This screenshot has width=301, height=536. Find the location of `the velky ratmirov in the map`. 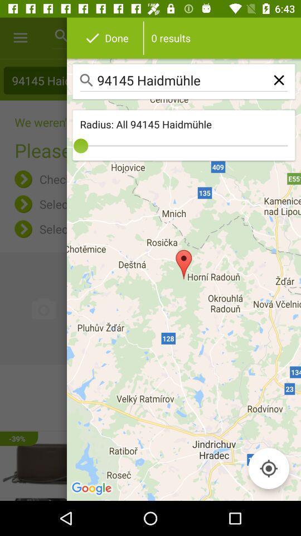

the velky ratmirov in the map is located at coordinates (151, 398).